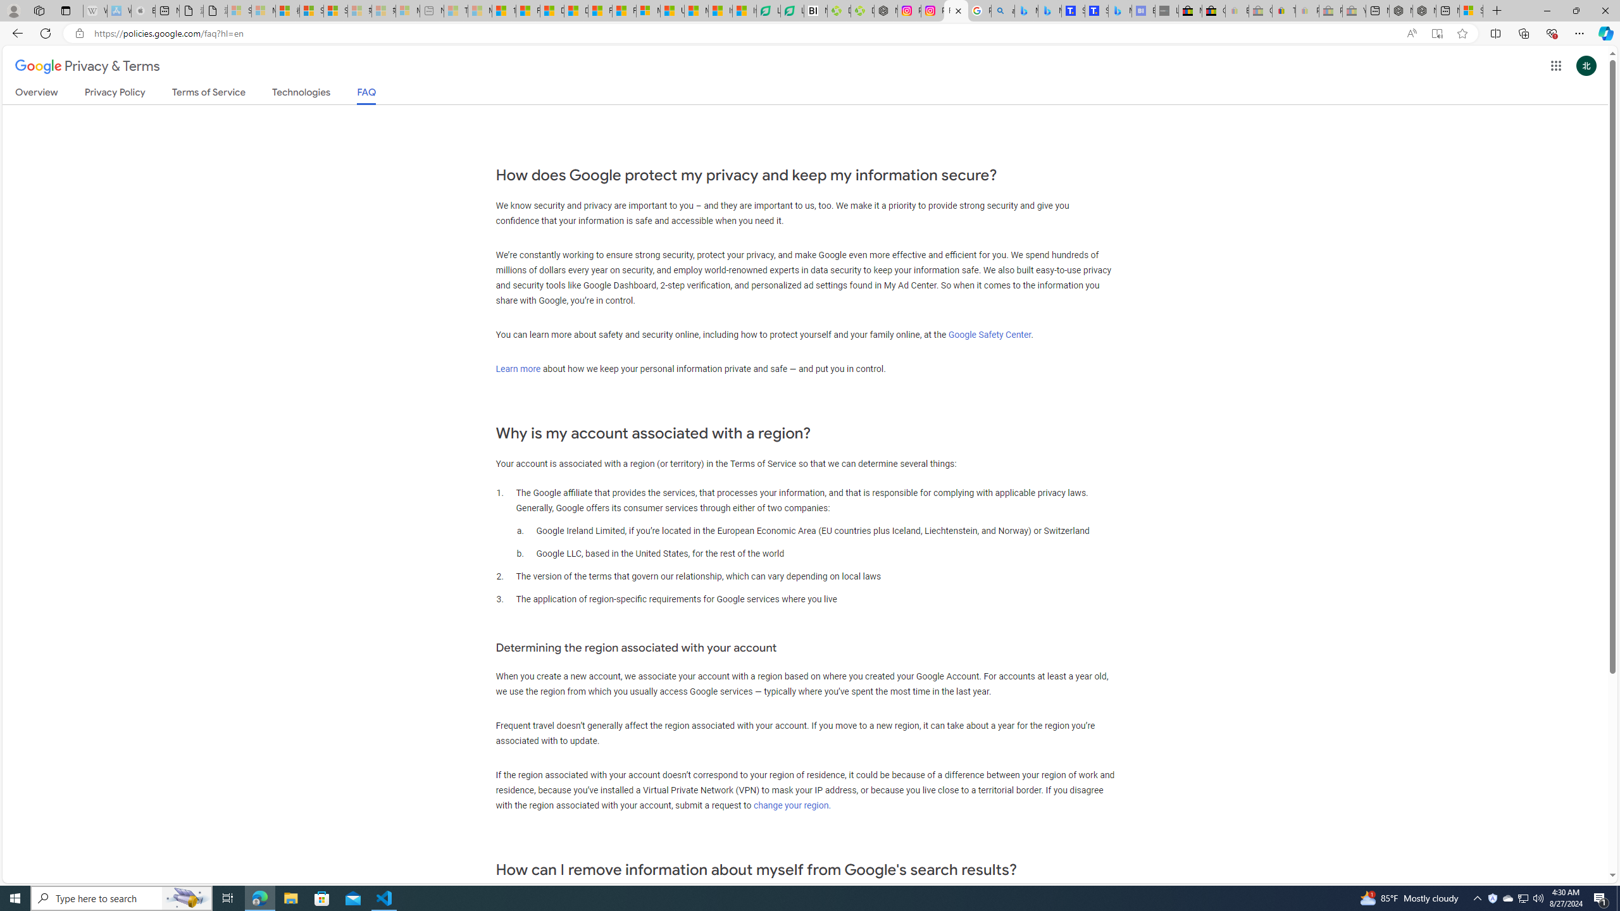  What do you see at coordinates (263, 10) in the screenshot?
I see `'Microsoft Services Agreement - Sleeping'` at bounding box center [263, 10].